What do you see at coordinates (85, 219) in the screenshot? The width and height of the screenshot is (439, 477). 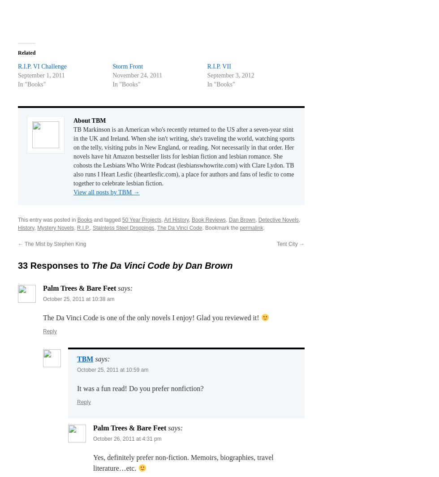 I see `'Books'` at bounding box center [85, 219].